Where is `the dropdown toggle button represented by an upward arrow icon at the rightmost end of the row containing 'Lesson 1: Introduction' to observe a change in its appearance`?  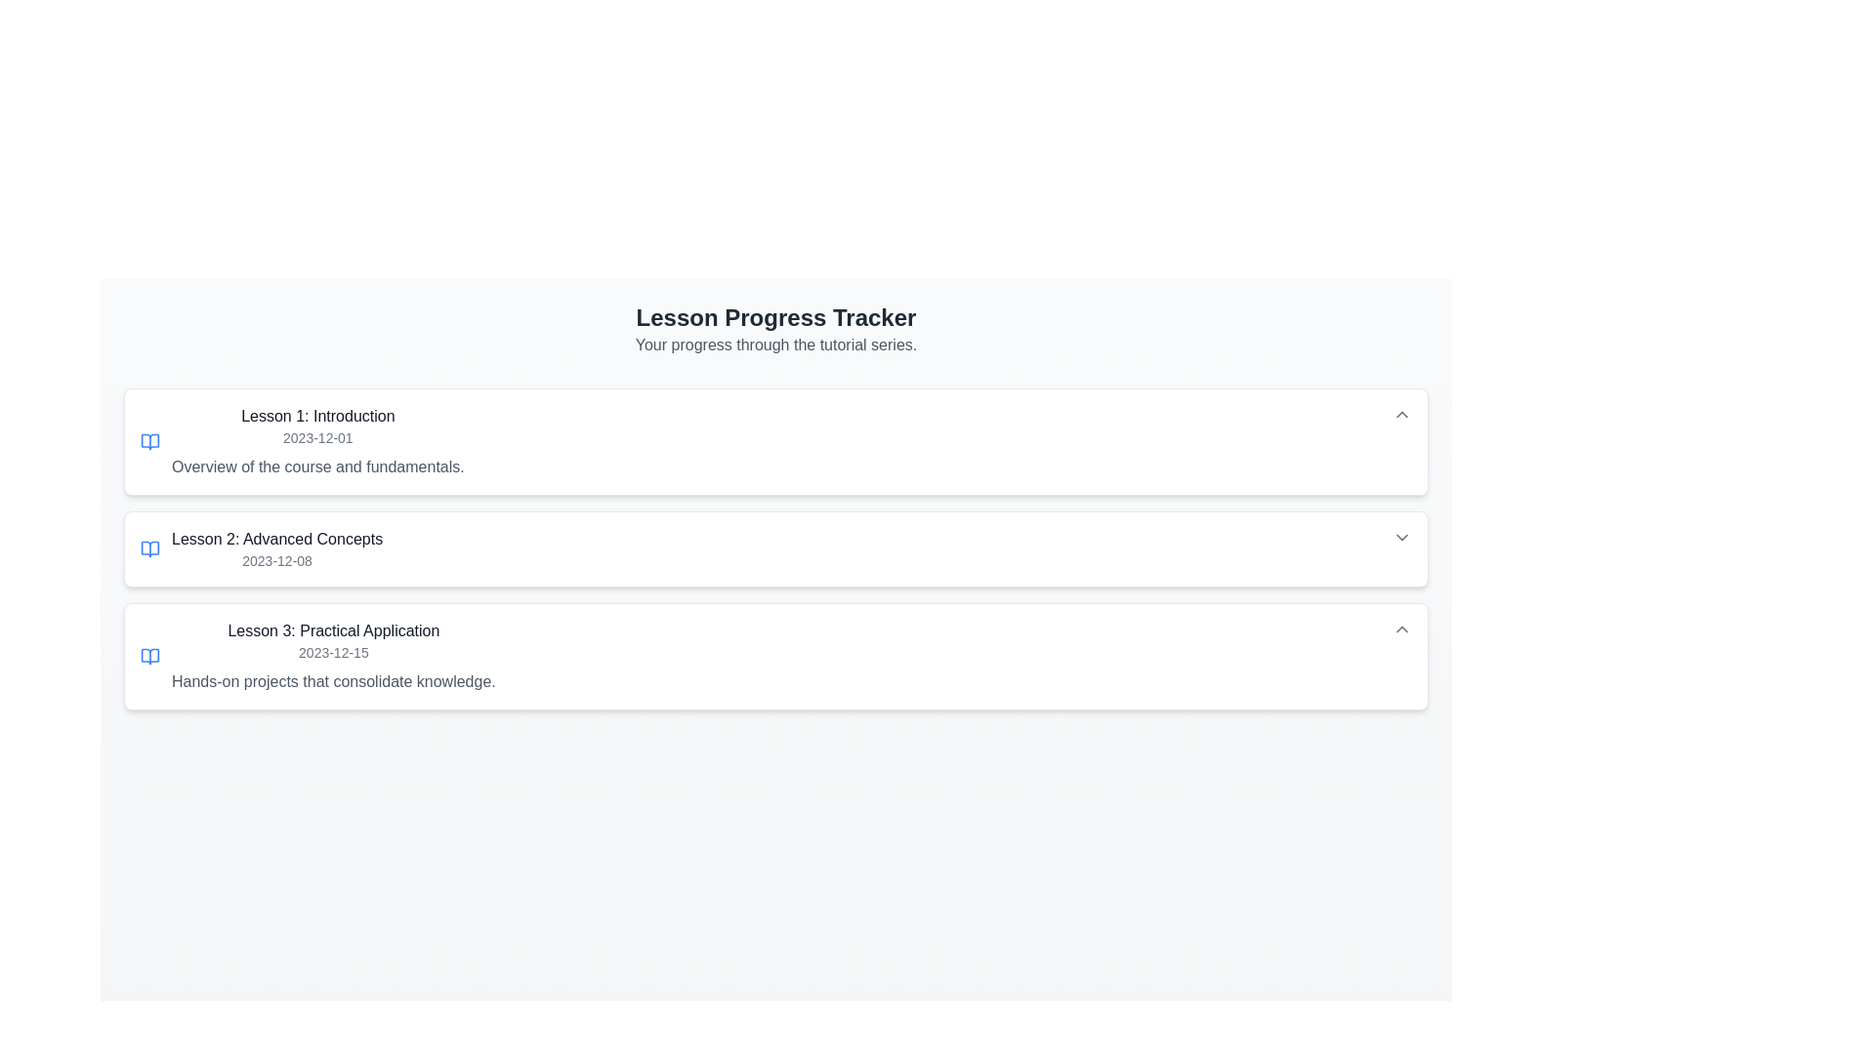
the dropdown toggle button represented by an upward arrow icon at the rightmost end of the row containing 'Lesson 1: Introduction' to observe a change in its appearance is located at coordinates (1400, 413).